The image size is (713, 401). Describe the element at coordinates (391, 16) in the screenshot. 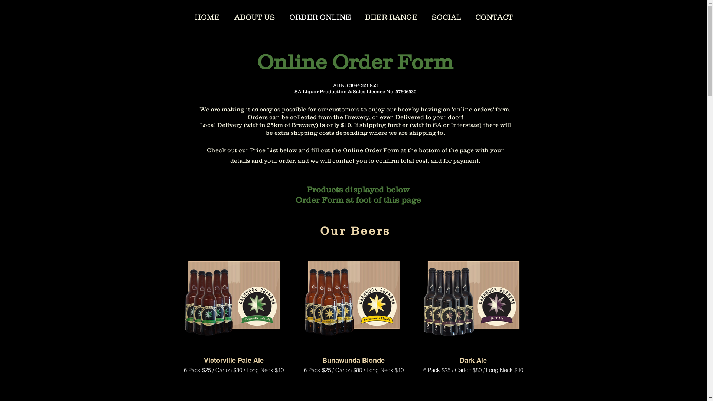

I see `'BEER RANGE'` at that location.